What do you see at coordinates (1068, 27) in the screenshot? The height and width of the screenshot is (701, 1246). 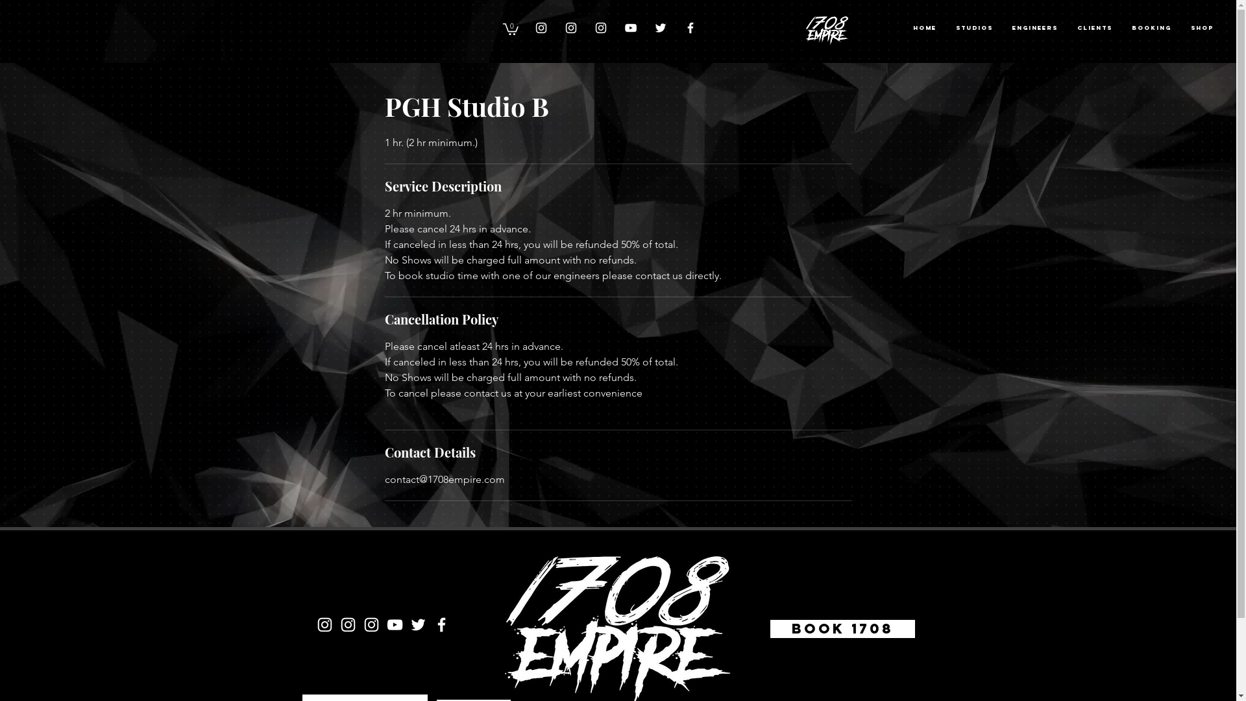 I see `'CLIENTS'` at bounding box center [1068, 27].